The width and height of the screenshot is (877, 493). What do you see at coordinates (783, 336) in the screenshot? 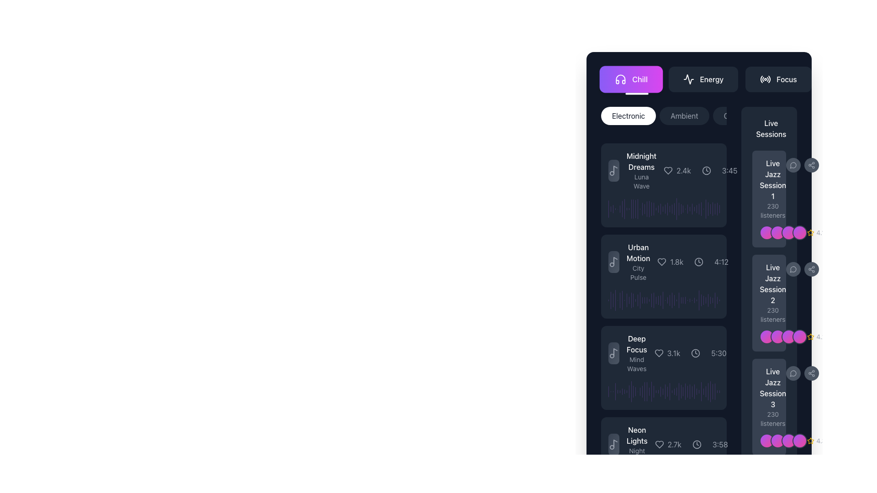
I see `the Avatar group display with overlapping images` at bounding box center [783, 336].